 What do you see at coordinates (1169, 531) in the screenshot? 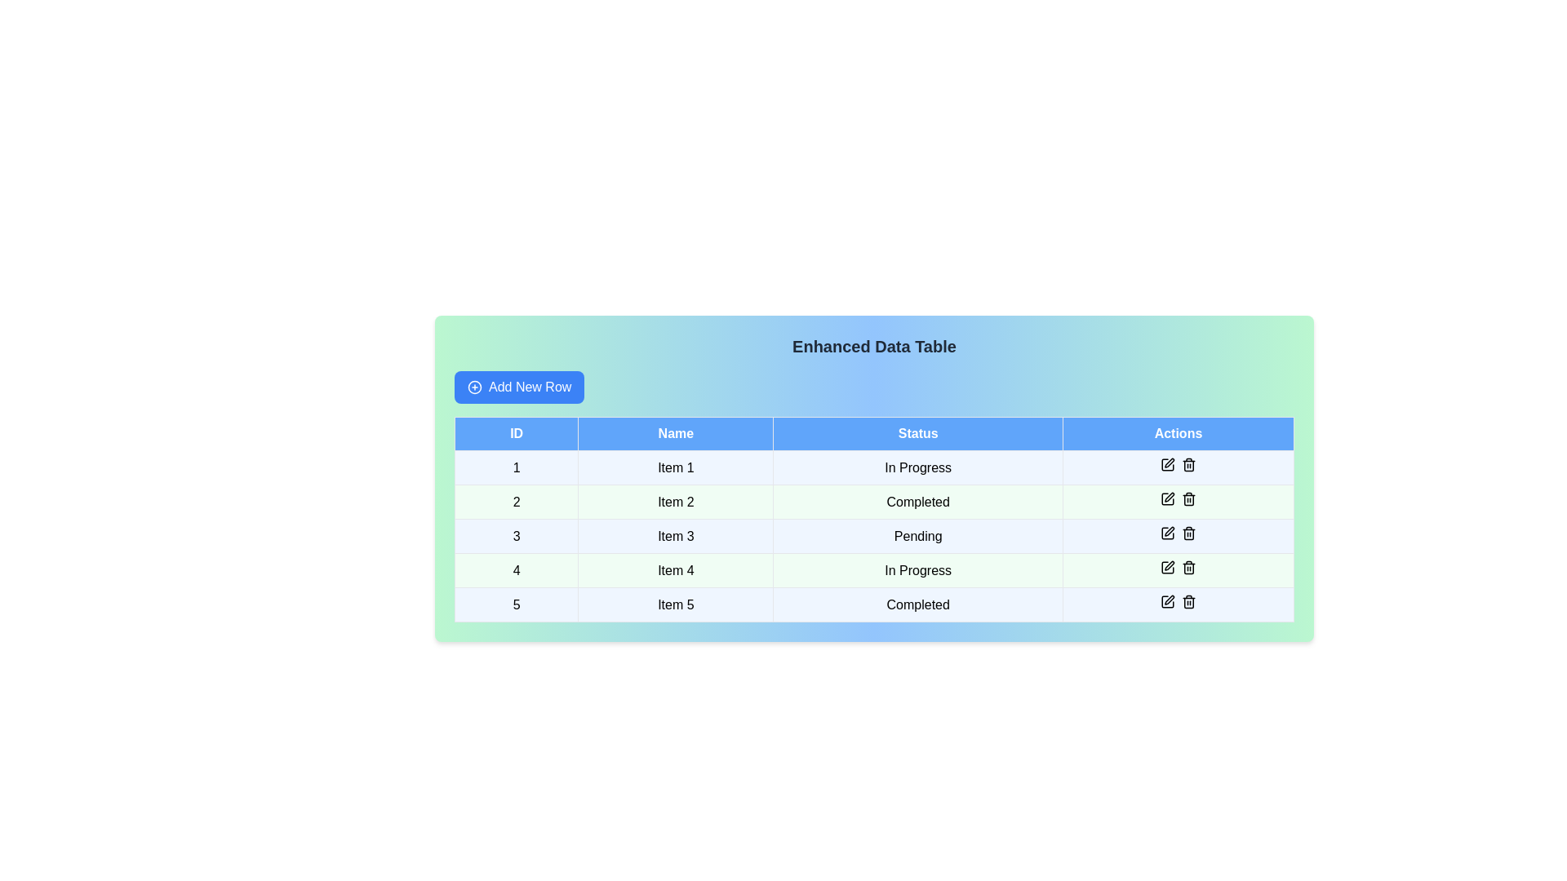
I see `the 'edit' icon located in the 'Actions' column of row 3` at bounding box center [1169, 531].